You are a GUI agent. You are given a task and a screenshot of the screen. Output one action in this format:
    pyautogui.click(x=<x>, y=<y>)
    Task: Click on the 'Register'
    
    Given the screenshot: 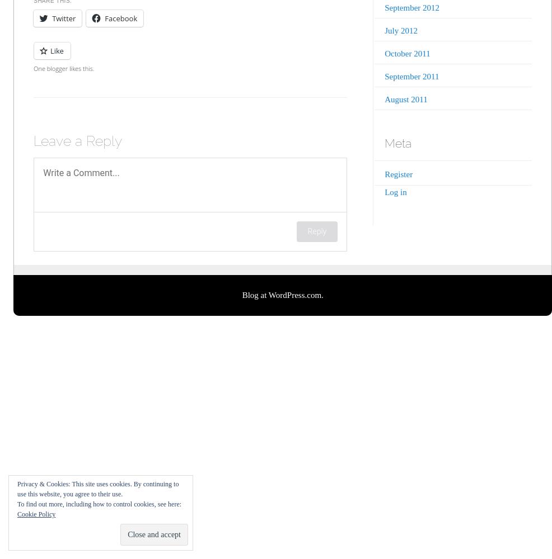 What is the action you would take?
    pyautogui.click(x=397, y=174)
    